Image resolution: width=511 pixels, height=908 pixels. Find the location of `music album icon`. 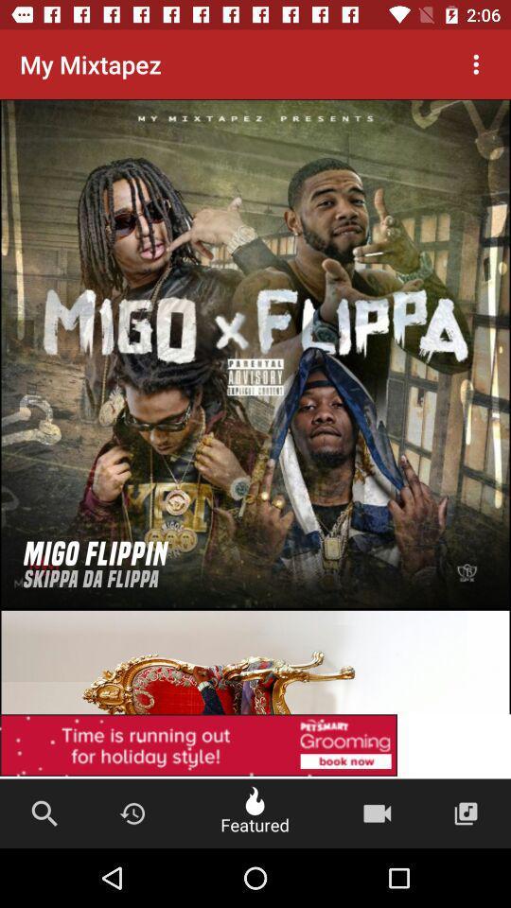

music album icon is located at coordinates (465, 812).